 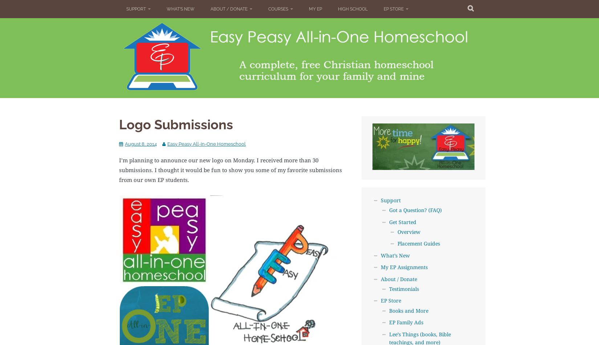 What do you see at coordinates (404, 267) in the screenshot?
I see `'My EP Assignments'` at bounding box center [404, 267].